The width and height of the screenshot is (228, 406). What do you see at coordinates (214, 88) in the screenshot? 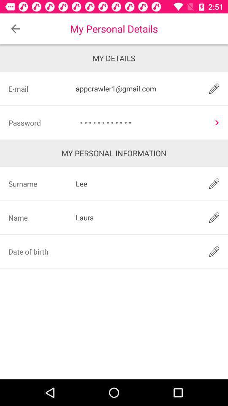
I see `edit email` at bounding box center [214, 88].